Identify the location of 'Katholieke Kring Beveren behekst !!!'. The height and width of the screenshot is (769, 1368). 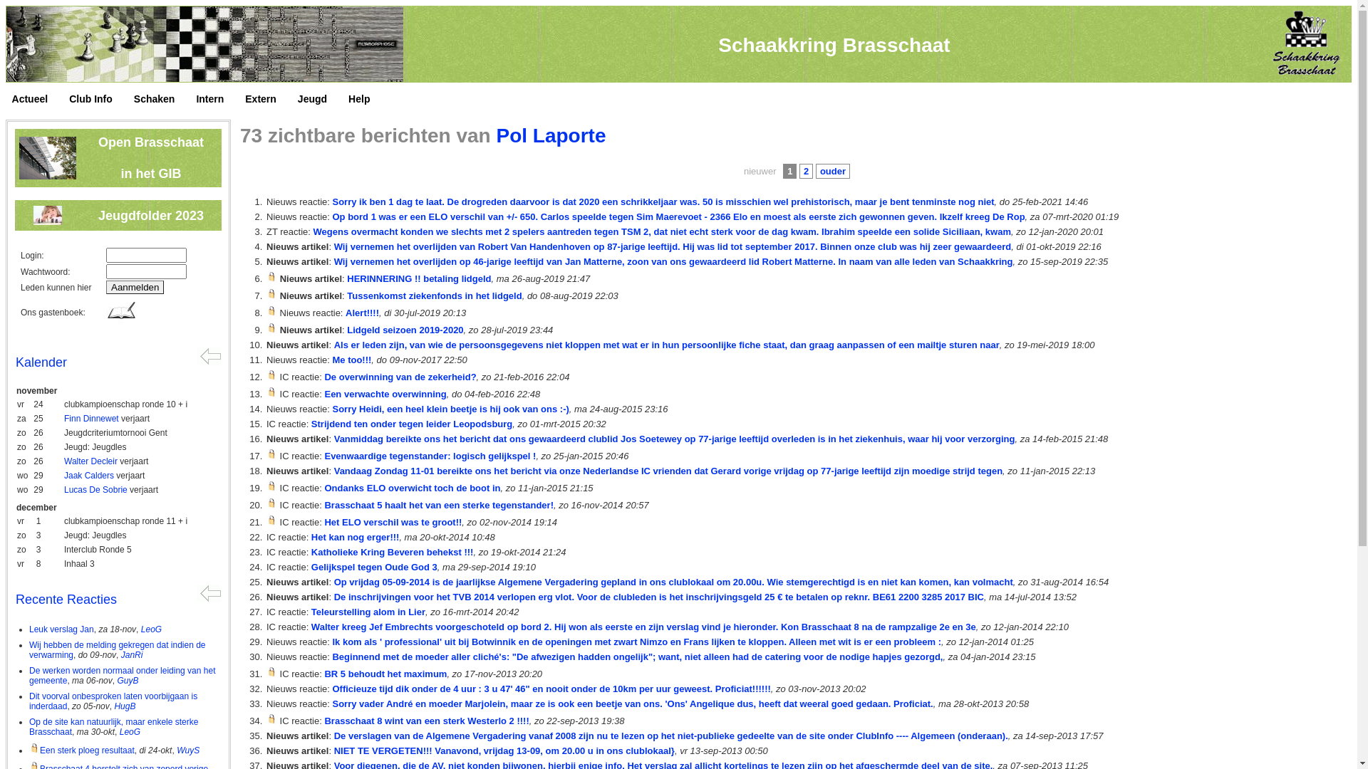
(310, 551).